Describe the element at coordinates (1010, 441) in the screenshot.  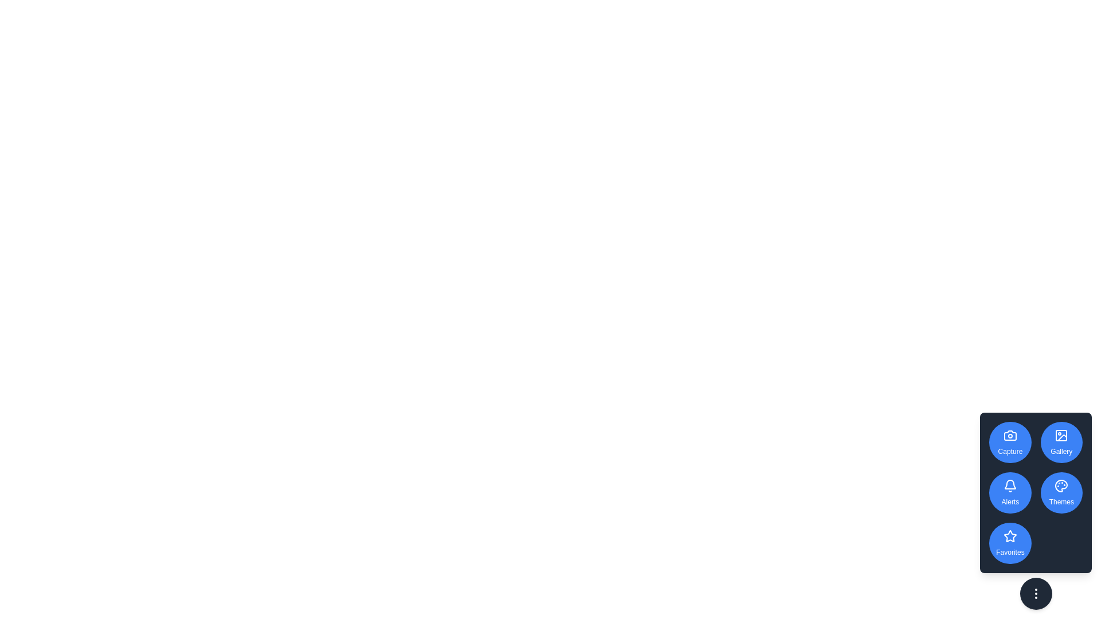
I see `the 'Capture' button to initiate the capture action` at that location.